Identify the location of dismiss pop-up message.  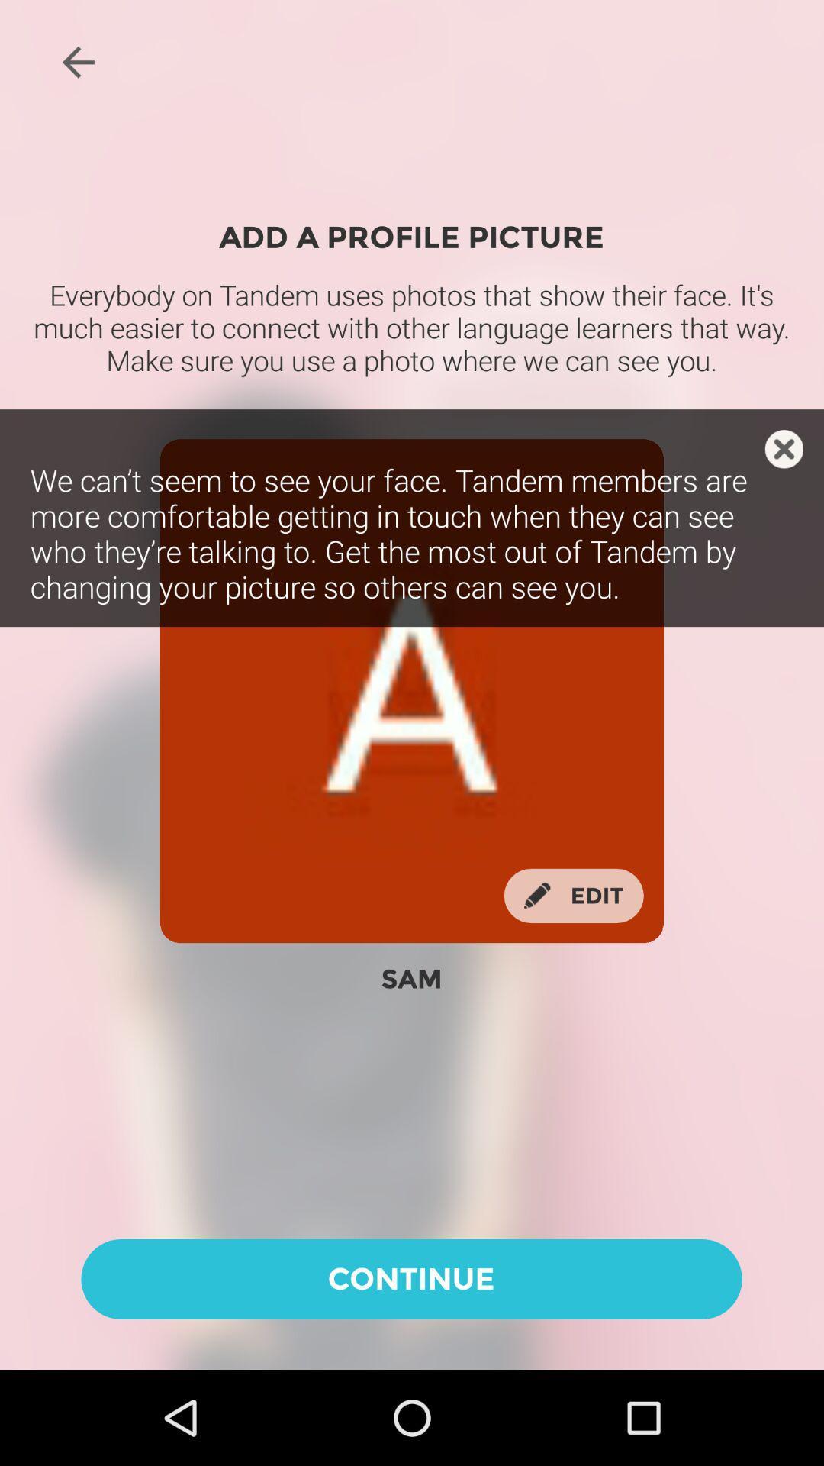
(784, 448).